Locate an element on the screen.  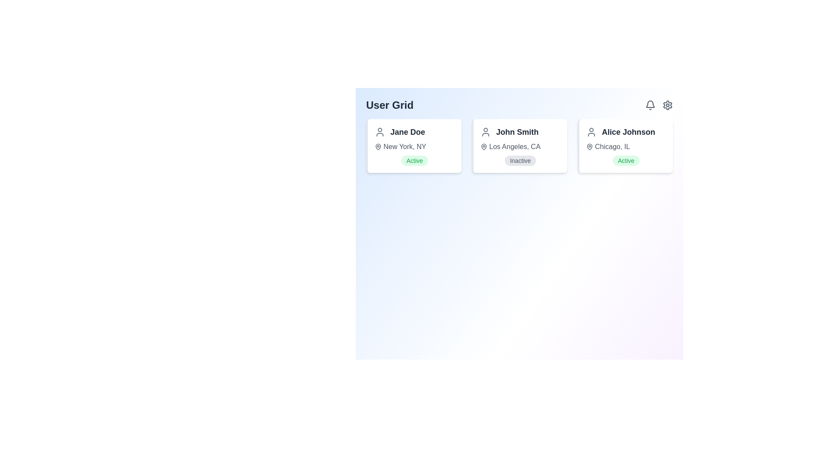
the location pin icon located in Jane Doe's information card, positioned above the text 'New York, NY' is located at coordinates (378, 146).